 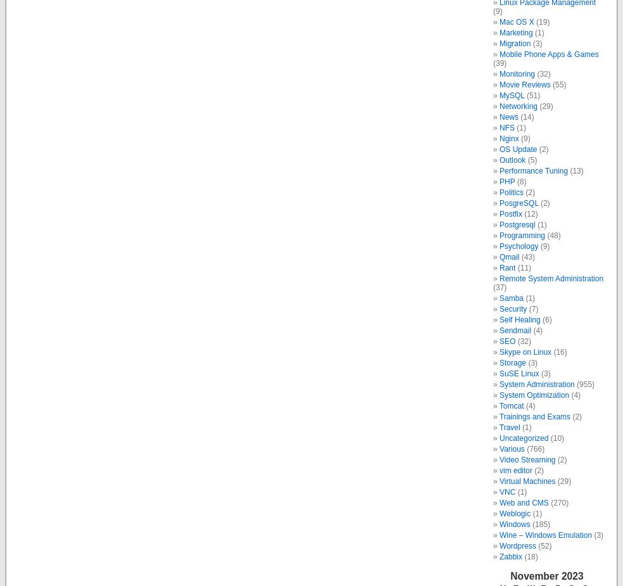 What do you see at coordinates (529, 213) in the screenshot?
I see `'(12)'` at bounding box center [529, 213].